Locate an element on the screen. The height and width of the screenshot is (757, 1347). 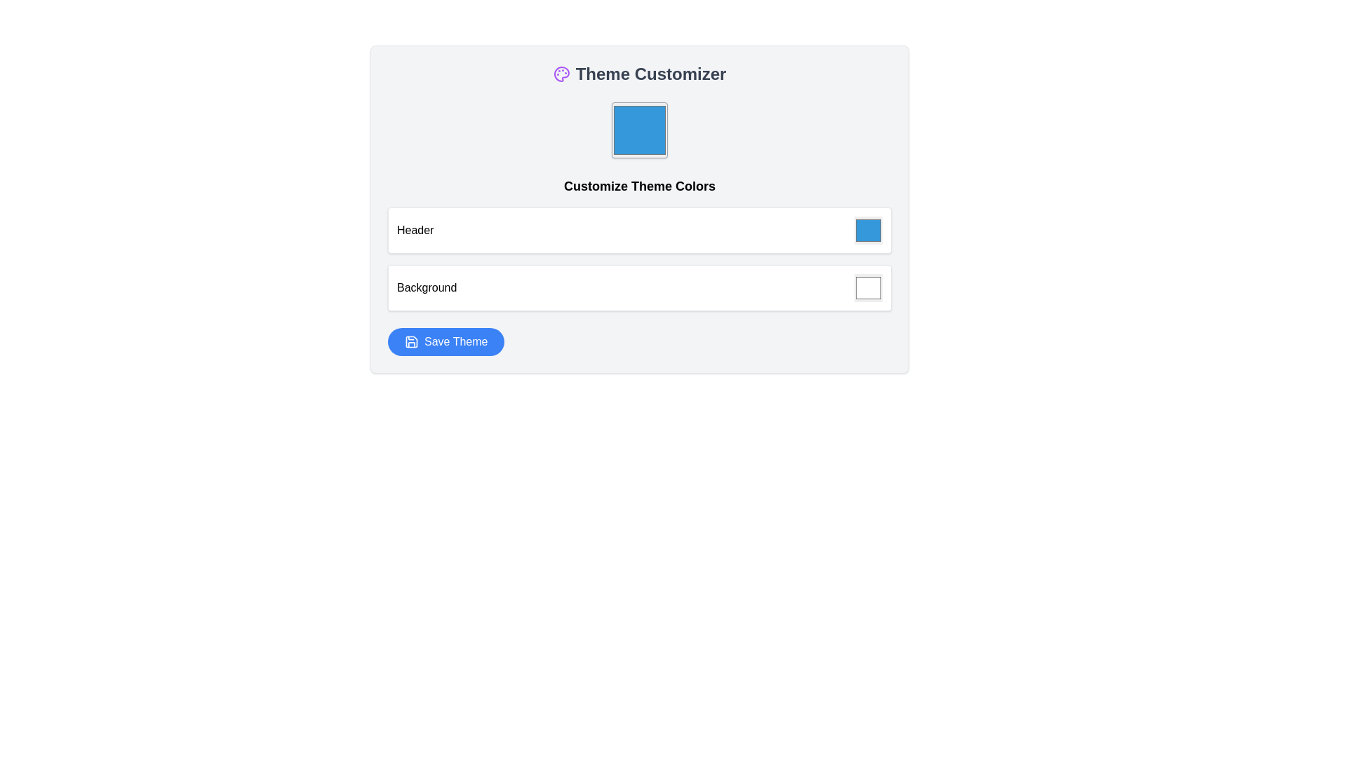
the rounded blue button with white text labeled 'Save Theme', which is positioned at the bottom of the 'Theme Customizer' card is located at coordinates (445, 342).